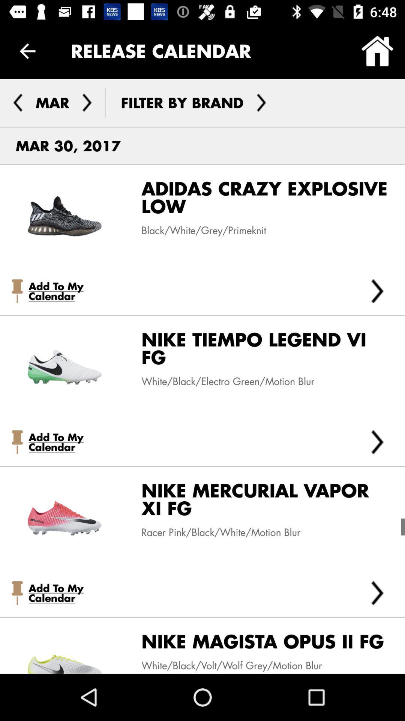  Describe the element at coordinates (87, 102) in the screenshot. I see `date option` at that location.